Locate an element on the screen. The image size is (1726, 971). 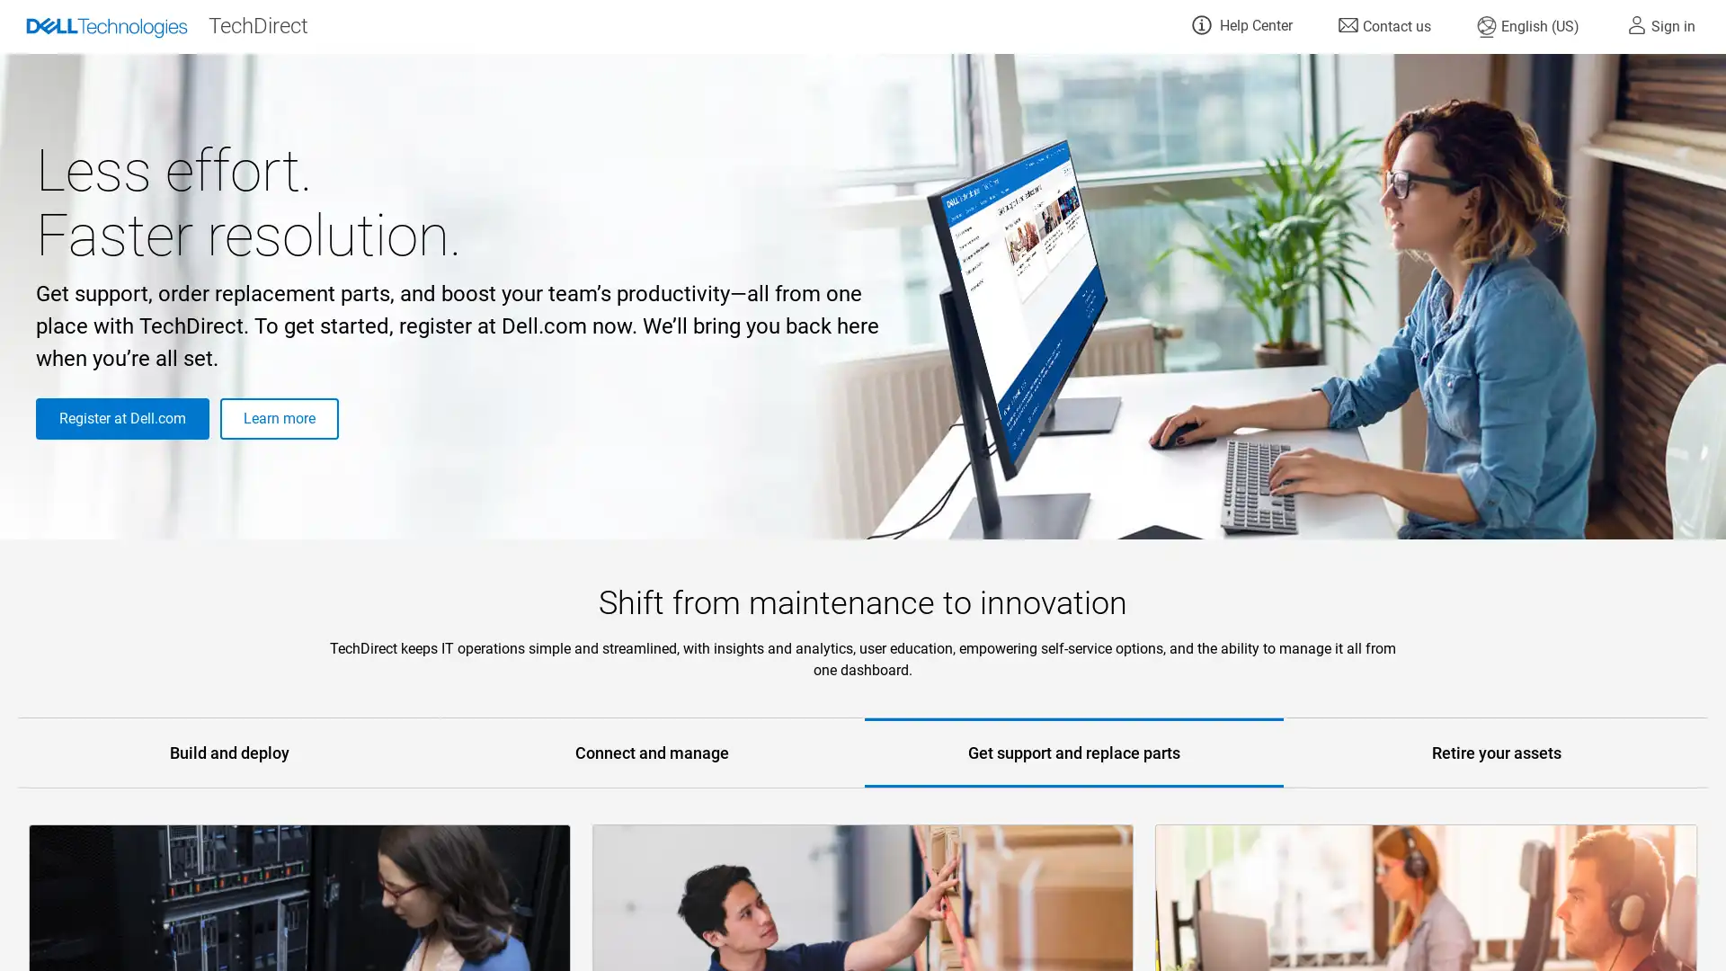
Learn more is located at coordinates (279, 419).